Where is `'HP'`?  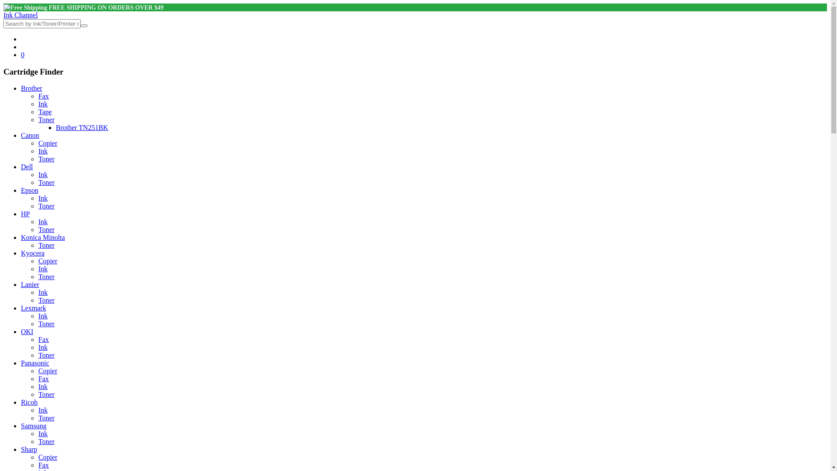
'HP' is located at coordinates (25, 214).